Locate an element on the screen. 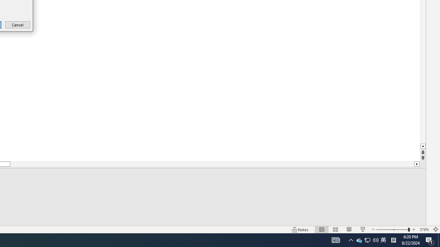  'Line down' is located at coordinates (422, 146).